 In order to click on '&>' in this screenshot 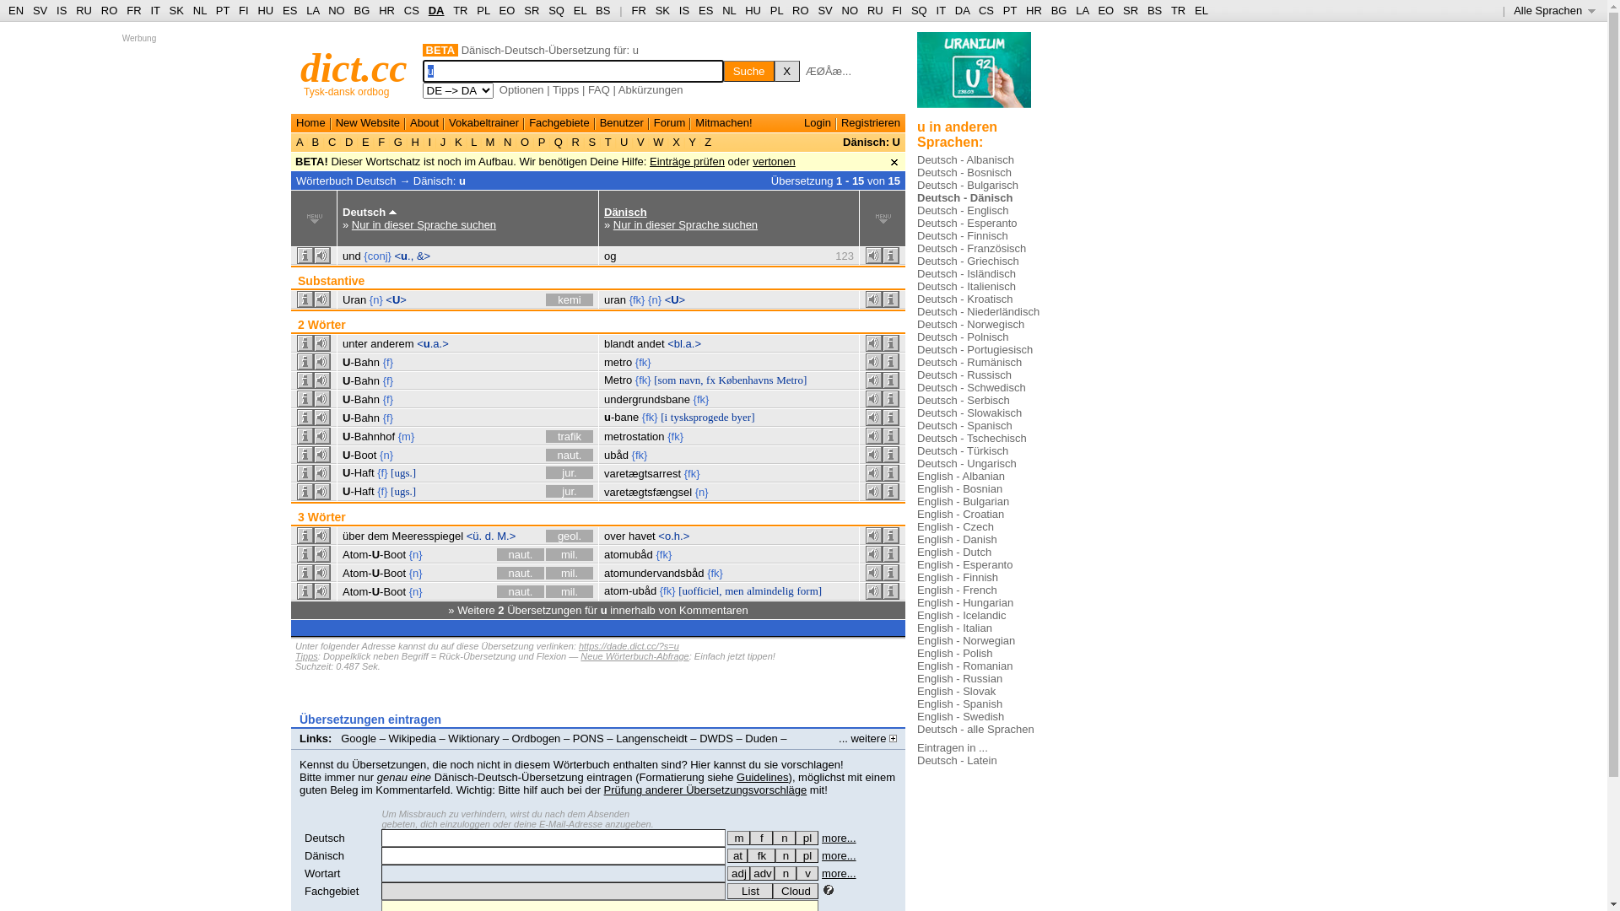, I will do `click(424, 256)`.